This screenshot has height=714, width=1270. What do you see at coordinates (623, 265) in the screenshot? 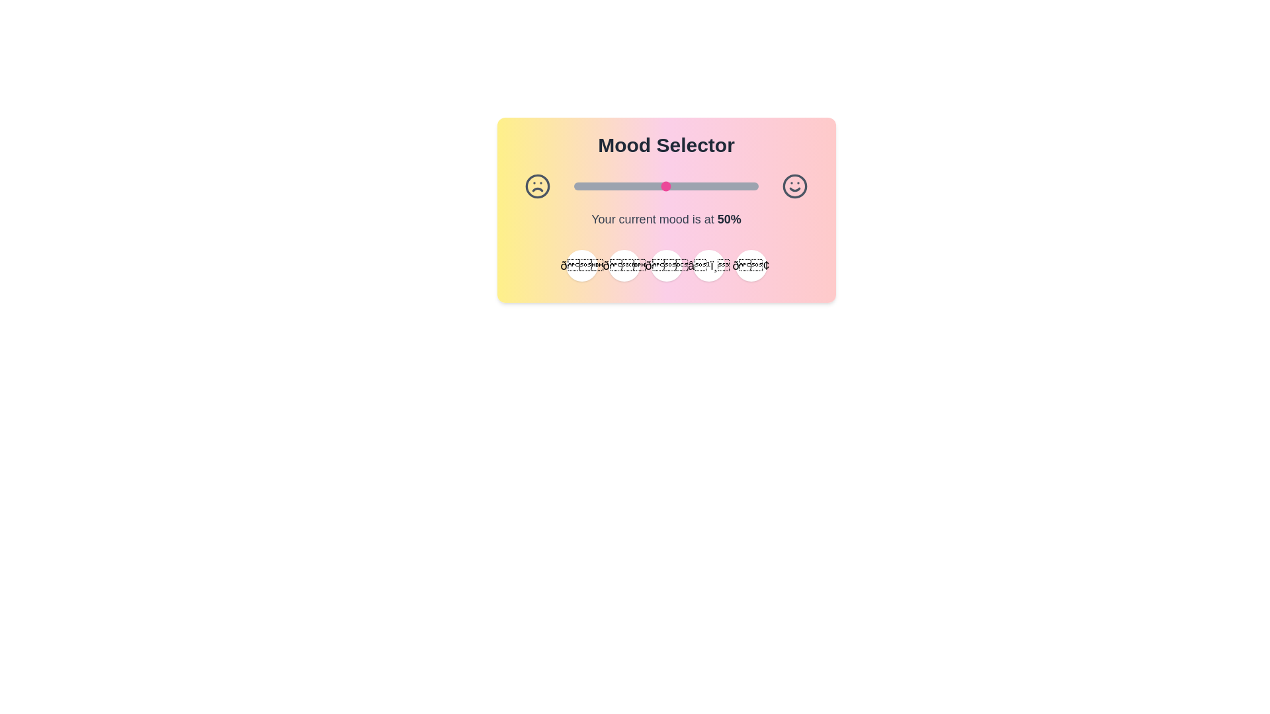
I see `the emoji button corresponding to 😌` at bounding box center [623, 265].